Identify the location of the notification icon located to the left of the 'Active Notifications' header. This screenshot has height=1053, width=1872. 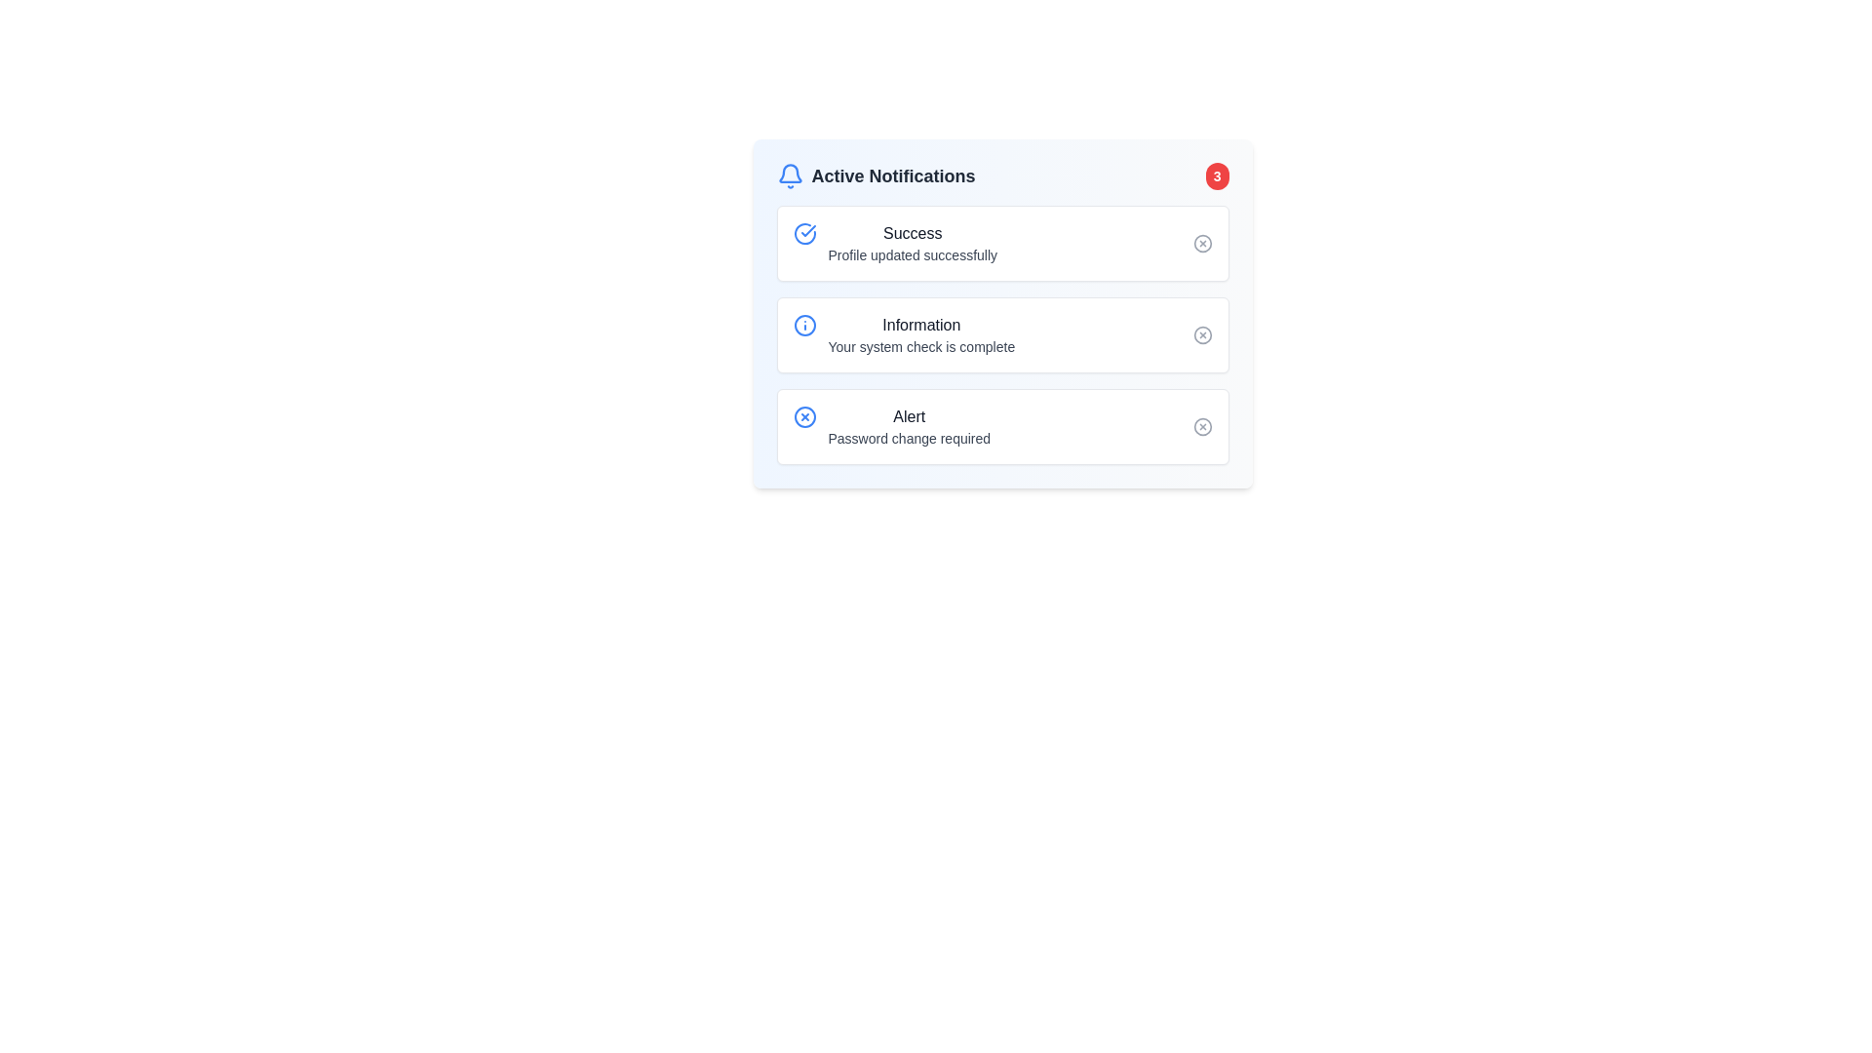
(790, 176).